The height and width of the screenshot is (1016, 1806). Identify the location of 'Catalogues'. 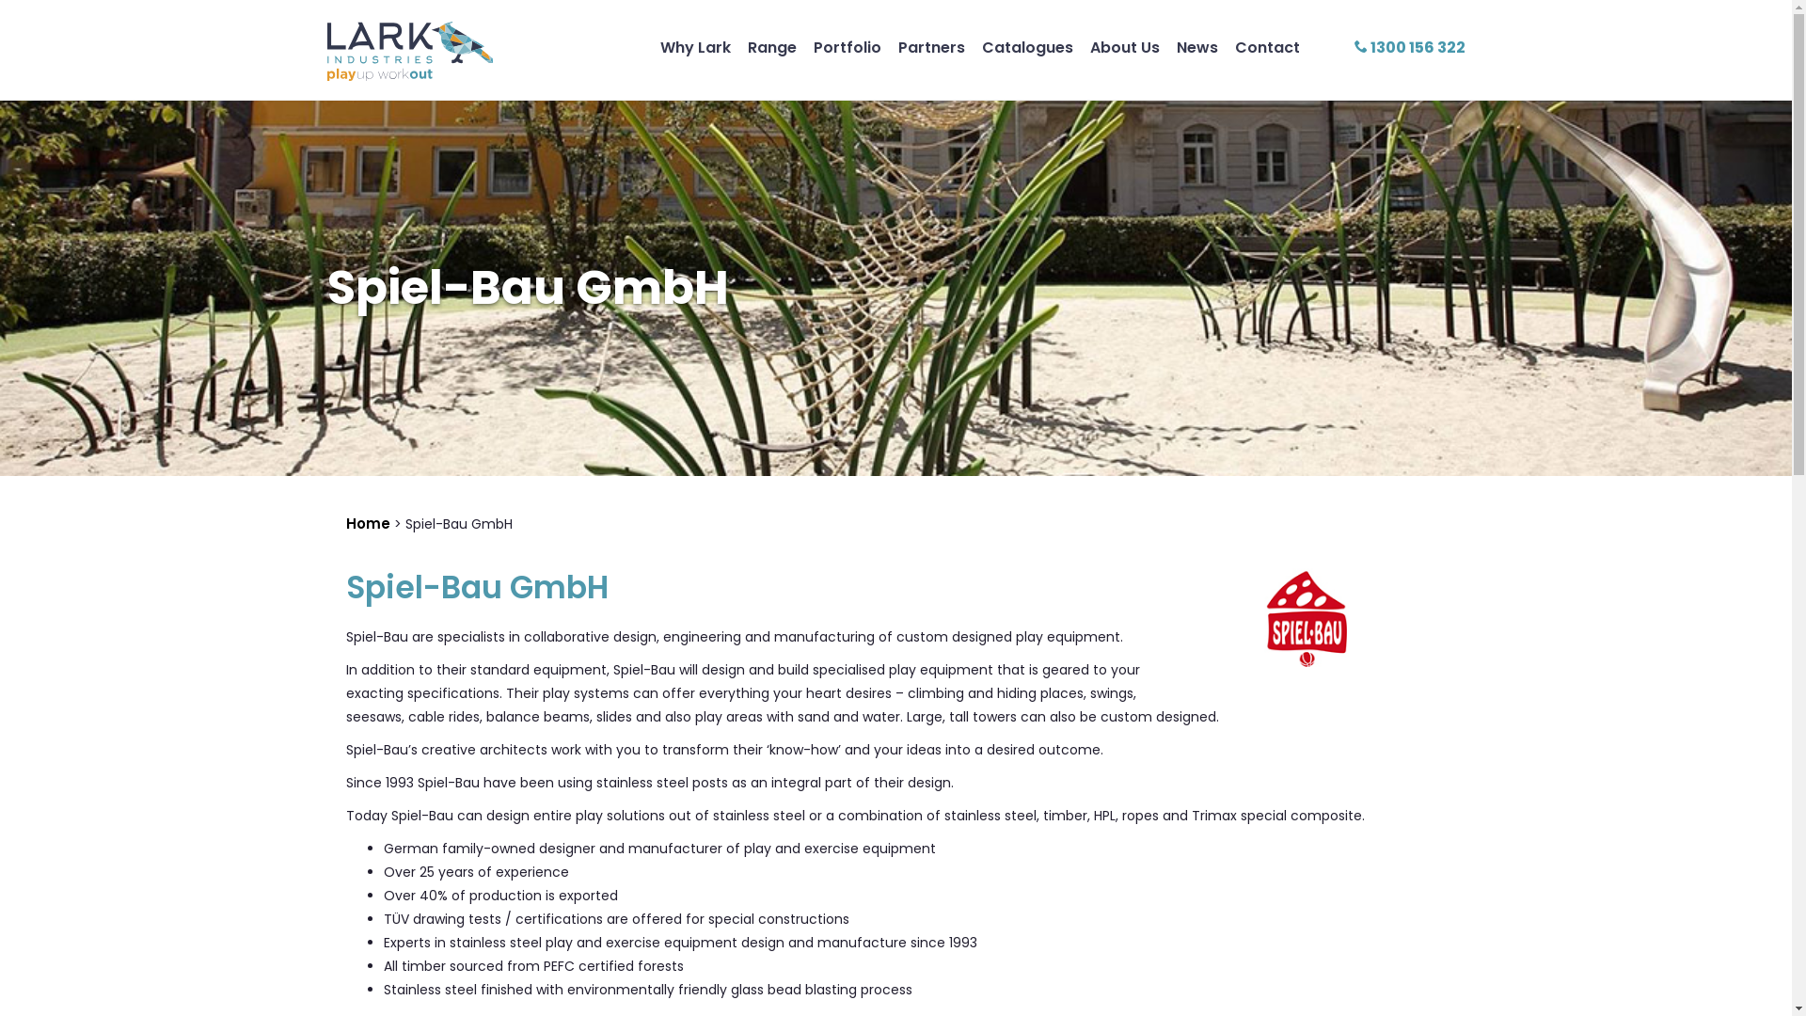
(1026, 46).